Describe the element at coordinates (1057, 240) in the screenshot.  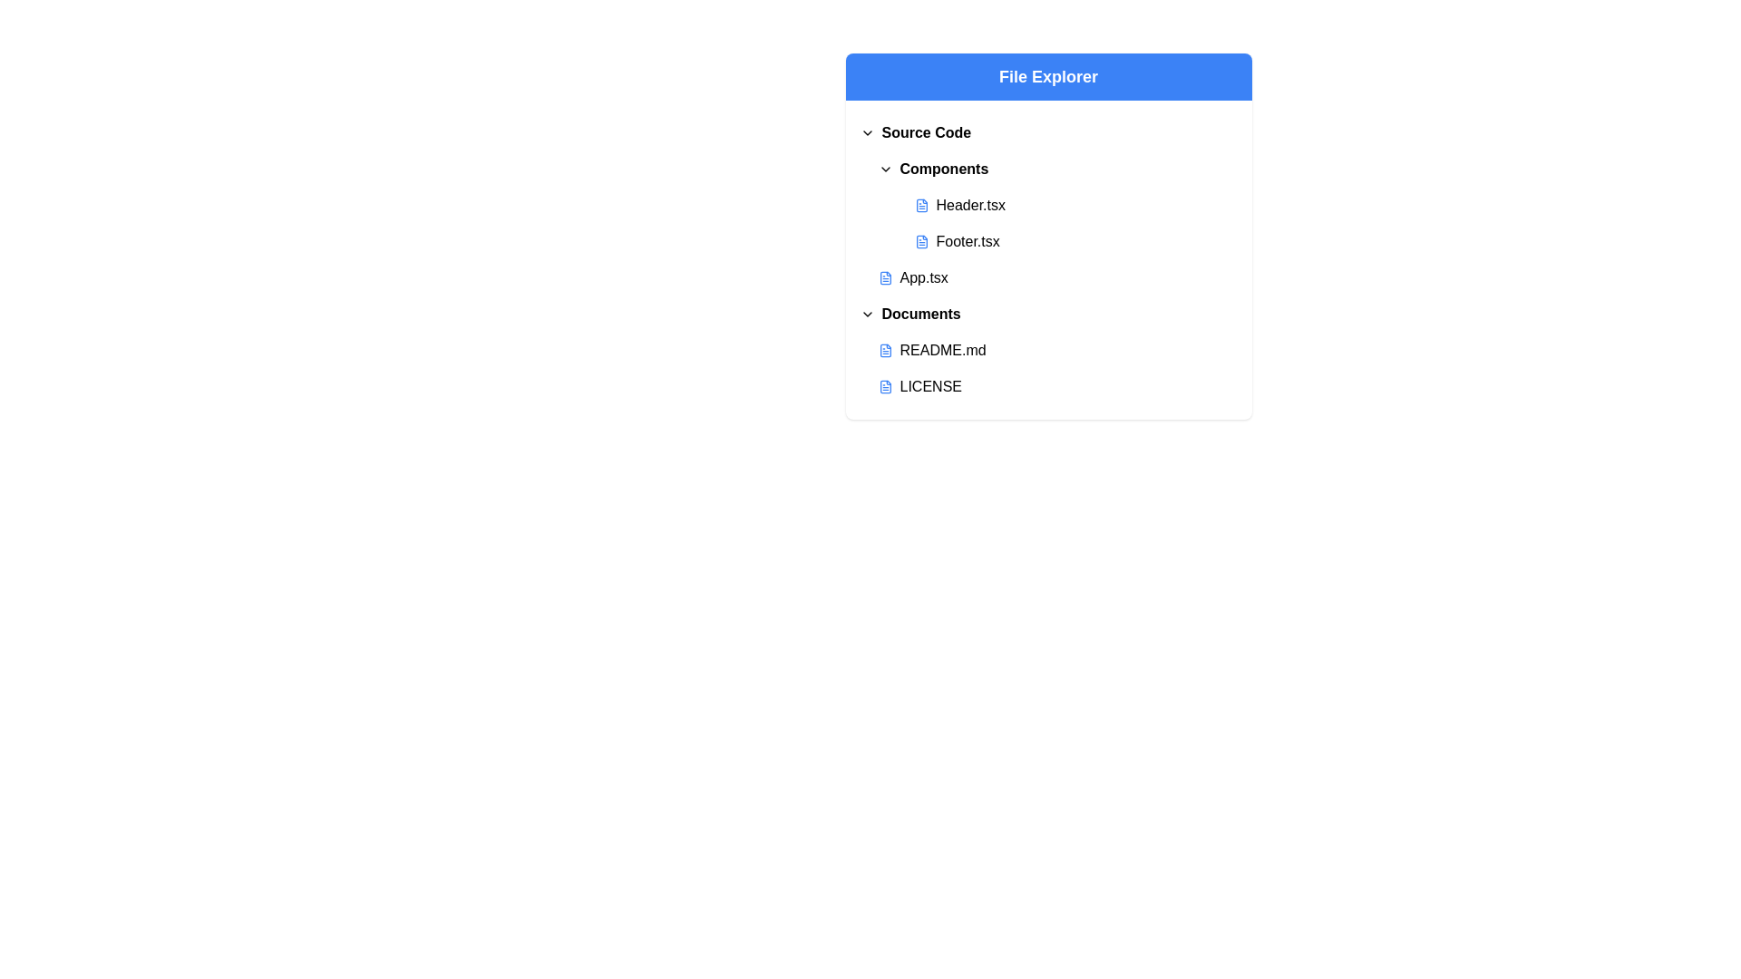
I see `the 'Footer.tsx' file item node` at that location.